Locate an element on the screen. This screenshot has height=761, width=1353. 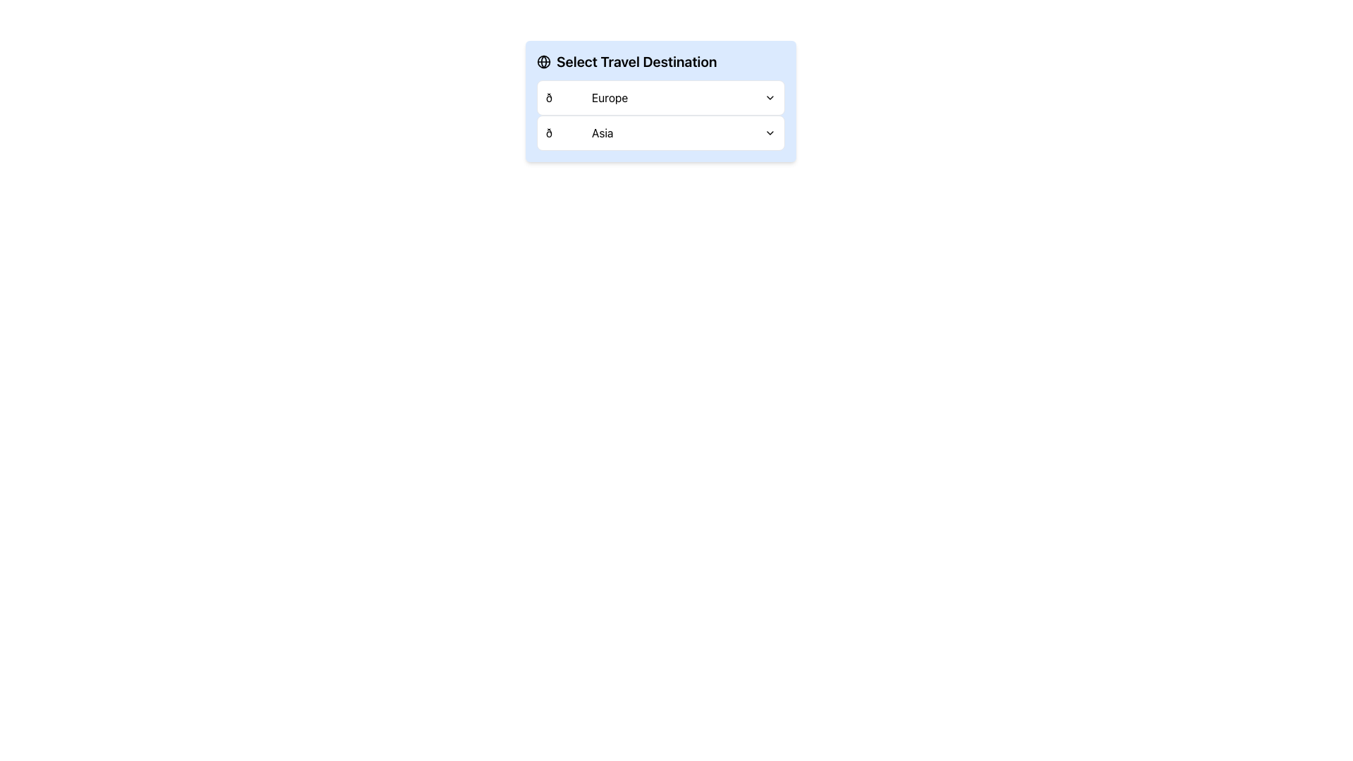
the globe emoji located to the left of the text 'Asia' within the dropdown options is located at coordinates (566, 133).